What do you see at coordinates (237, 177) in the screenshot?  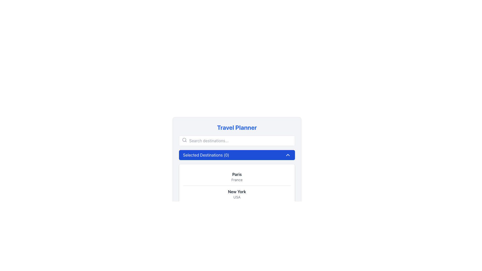 I see `the first selectable list item displaying 'Paris' and 'France' in the 'Selected Destinations (0)' section` at bounding box center [237, 177].